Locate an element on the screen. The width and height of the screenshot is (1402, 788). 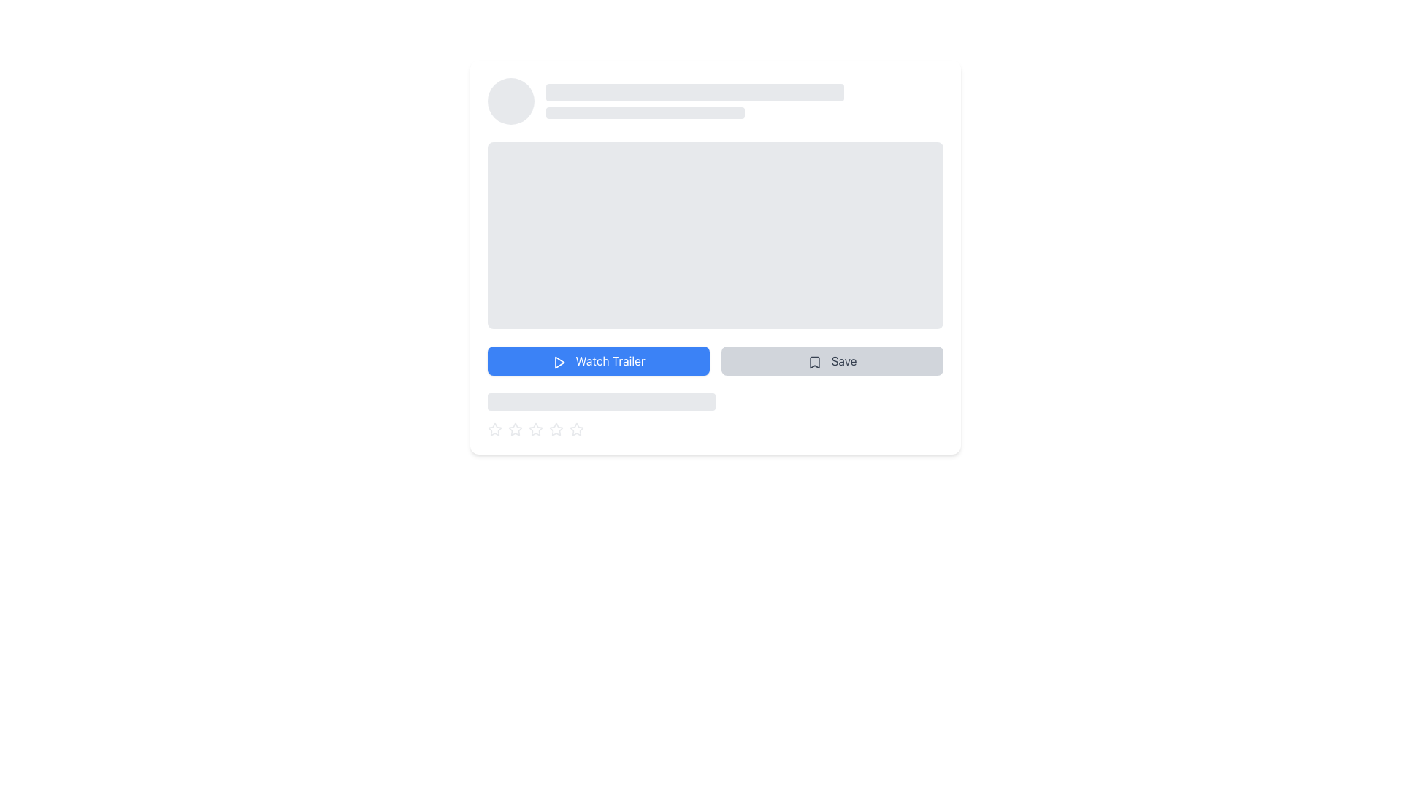
the large rectangular placeholder section with rounded corners, styled in light gray, which is centrally located above the 'Watch Trailer' and 'Save' buttons is located at coordinates (715, 235).